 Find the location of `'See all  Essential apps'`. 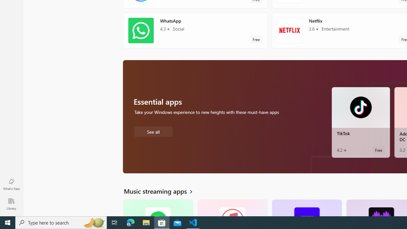

'See all  Essential apps' is located at coordinates (153, 131).